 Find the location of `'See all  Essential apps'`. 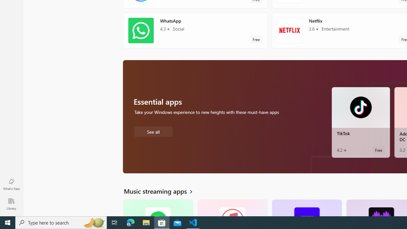

'See all  Essential apps' is located at coordinates (153, 131).